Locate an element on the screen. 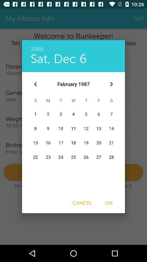 The width and height of the screenshot is (147, 262). icon at the bottom is located at coordinates (82, 203).